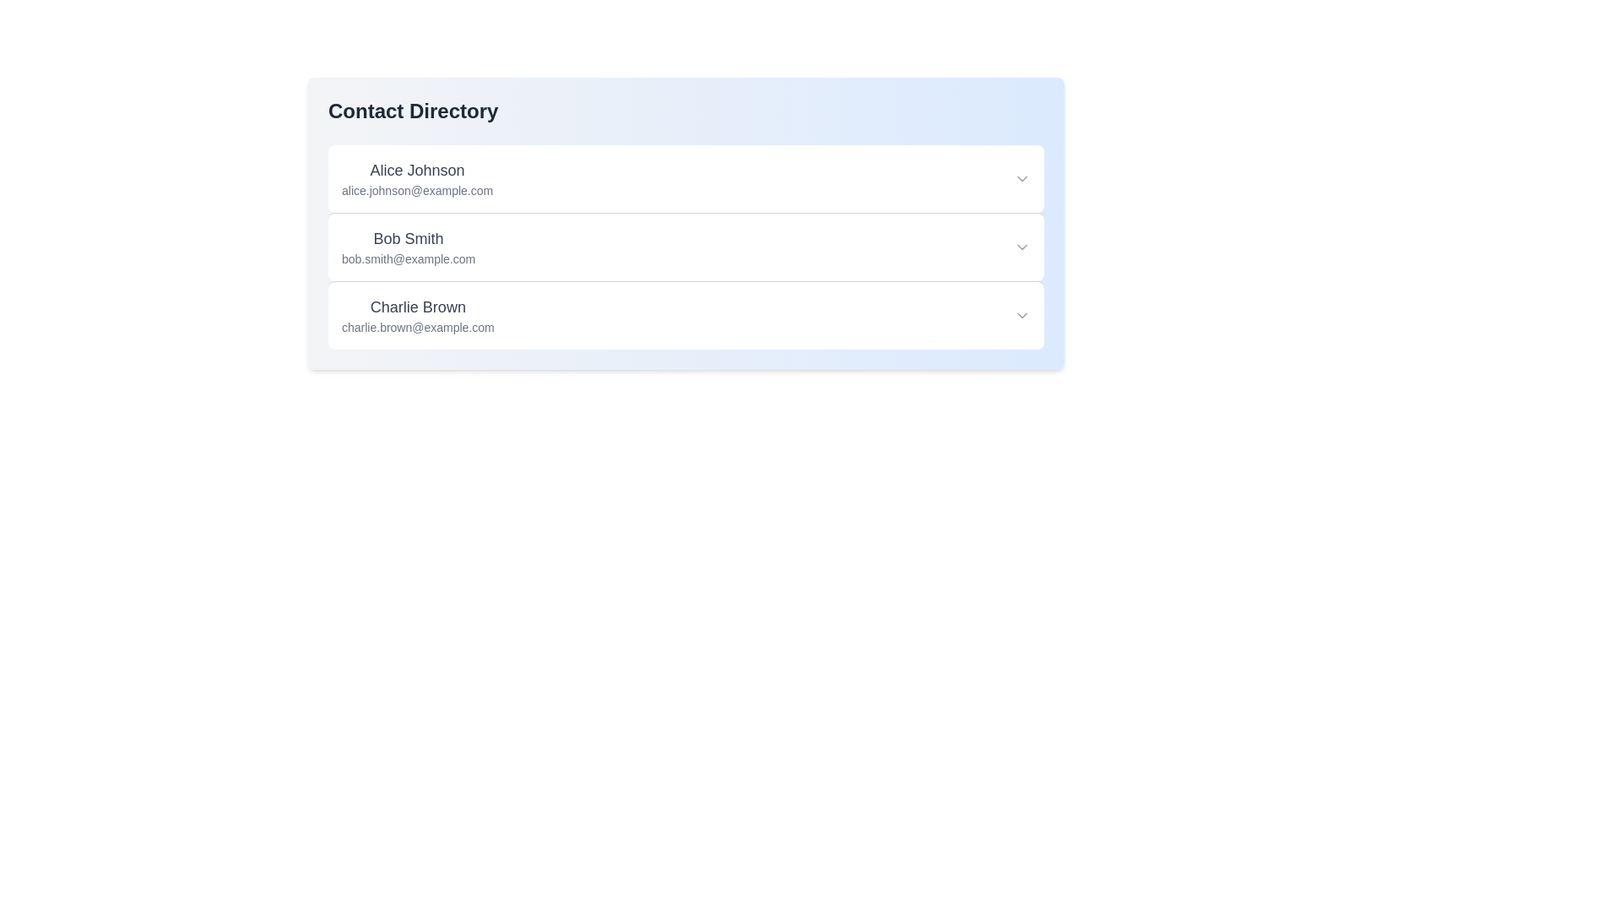  I want to click on the static text element displaying the email address located below 'Charlie Brown' in the third contact card, so click(418, 328).